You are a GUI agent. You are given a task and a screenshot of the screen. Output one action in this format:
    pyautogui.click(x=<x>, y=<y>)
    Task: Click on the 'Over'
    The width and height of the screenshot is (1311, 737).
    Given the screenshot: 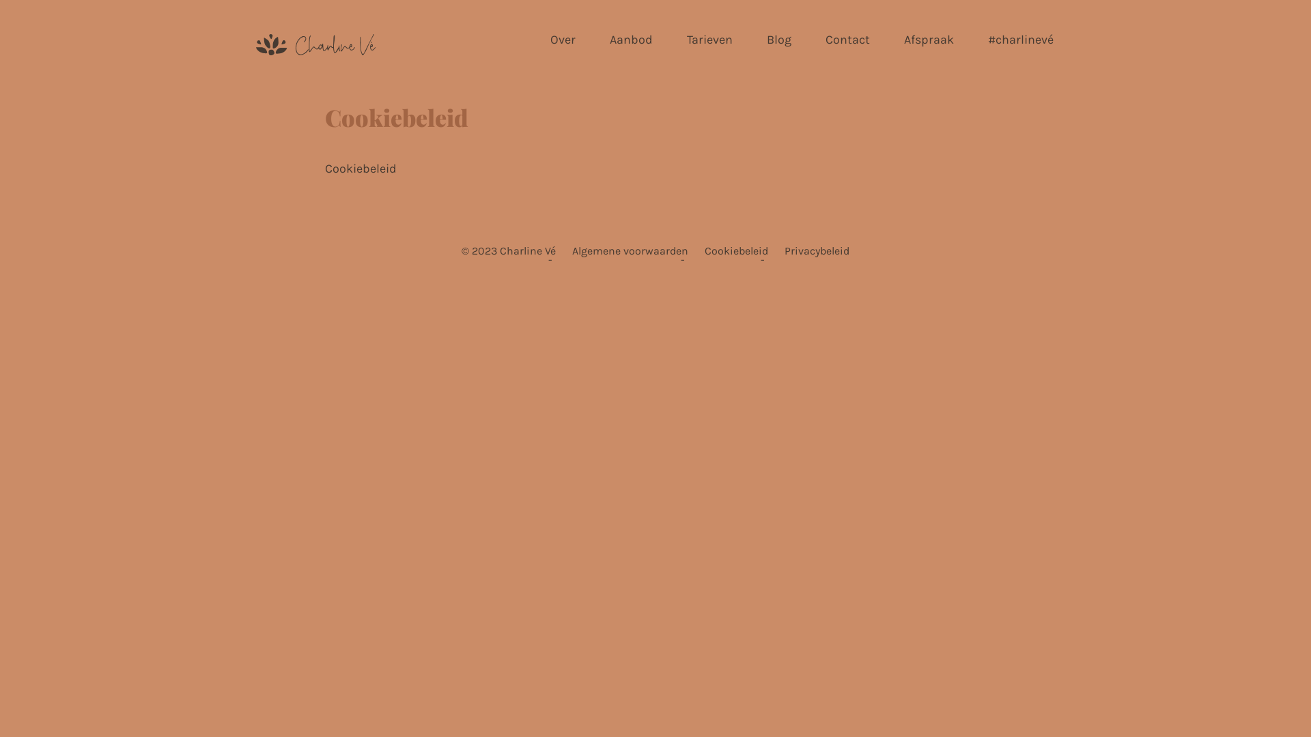 What is the action you would take?
    pyautogui.click(x=563, y=38)
    